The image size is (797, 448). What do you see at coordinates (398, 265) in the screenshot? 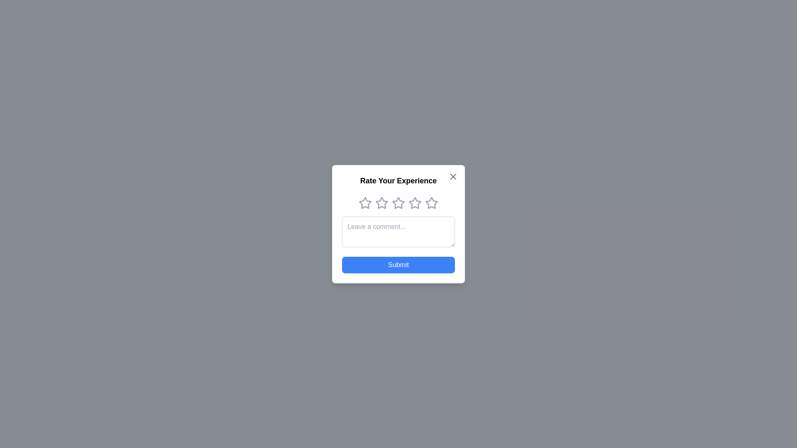
I see `the submit button to submit the rating and comment` at bounding box center [398, 265].